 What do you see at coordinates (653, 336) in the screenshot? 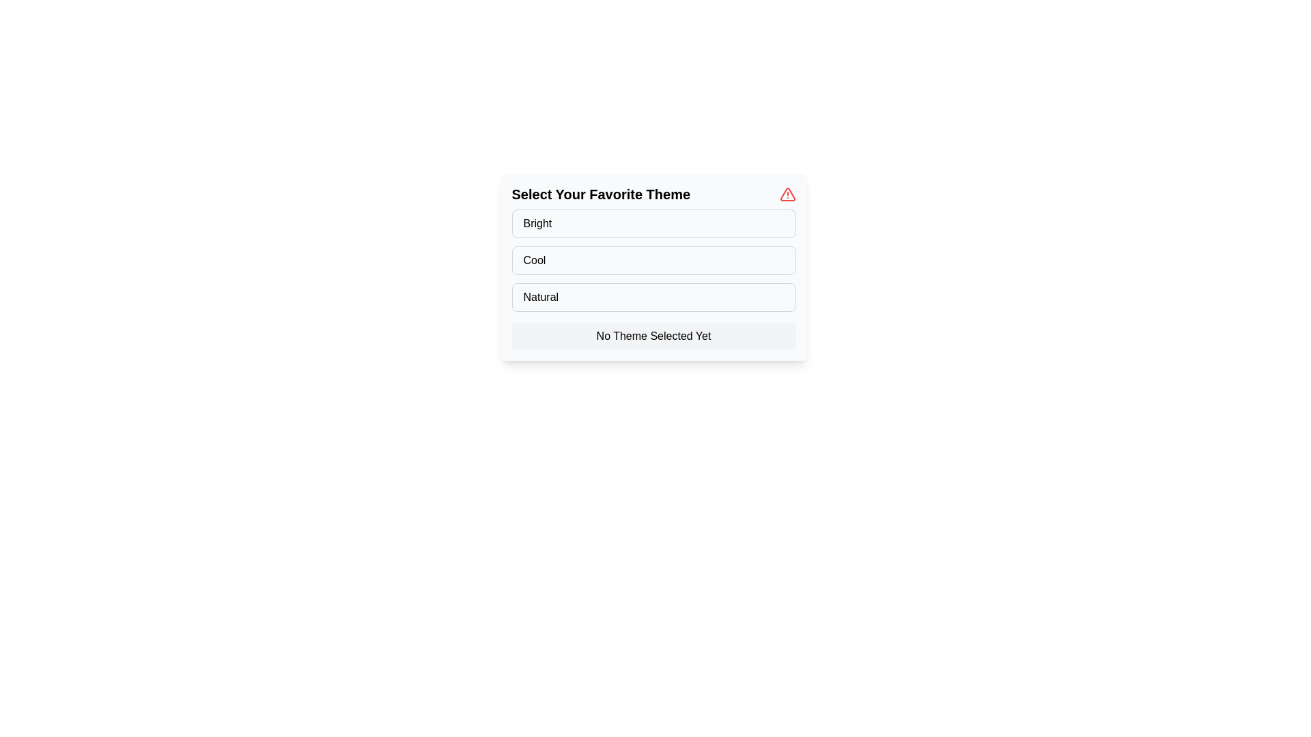
I see `the text block displaying 'No Theme Selected Yet', which is styled with a bold and centered alignment inside a light gray background, located below the theme options labeled Bright, Cool, and Natural` at bounding box center [653, 336].